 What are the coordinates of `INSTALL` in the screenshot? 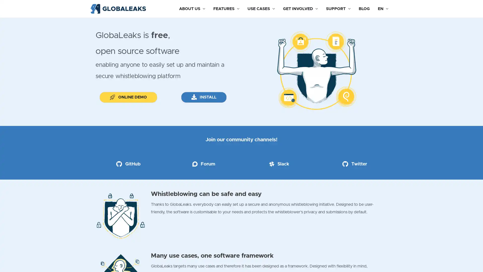 It's located at (204, 97).